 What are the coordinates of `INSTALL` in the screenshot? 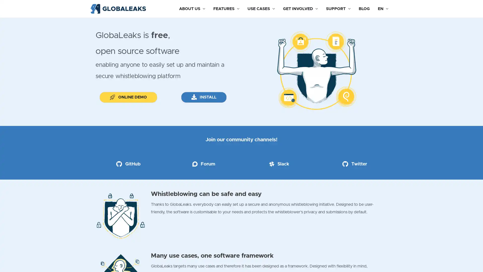 It's located at (204, 97).